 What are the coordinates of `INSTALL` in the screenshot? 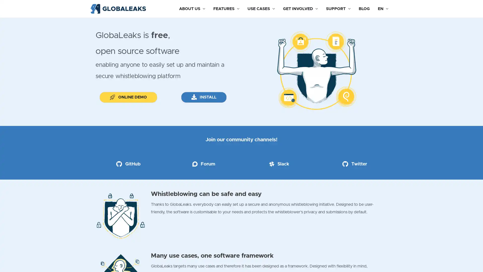 It's located at (204, 97).